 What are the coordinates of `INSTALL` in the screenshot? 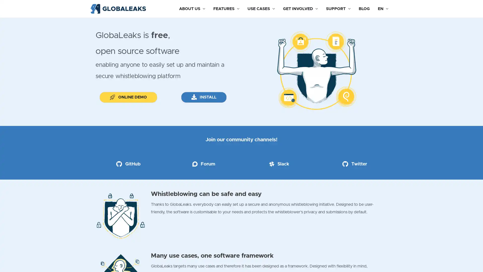 It's located at (204, 97).